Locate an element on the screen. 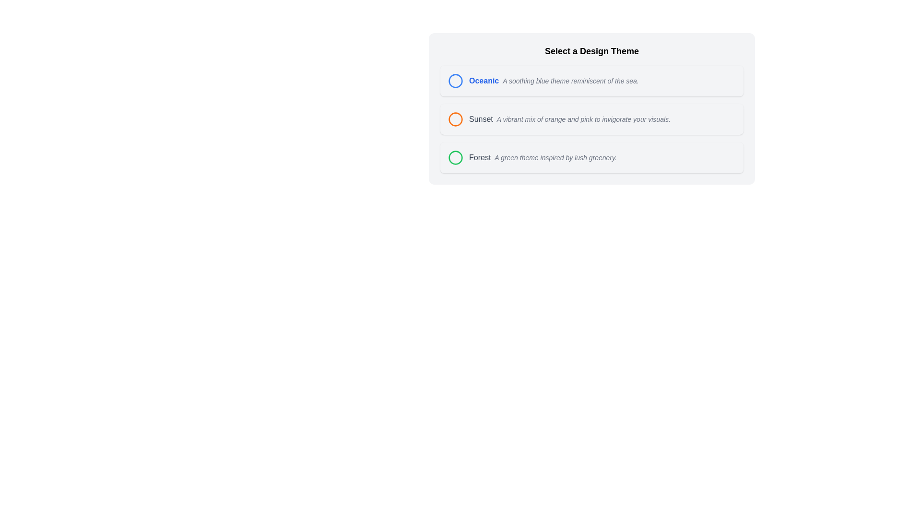 This screenshot has height=518, width=921. the text label that serves as the title for the selection option, located between an orange circular icon and a description about color mix is located at coordinates (481, 119).